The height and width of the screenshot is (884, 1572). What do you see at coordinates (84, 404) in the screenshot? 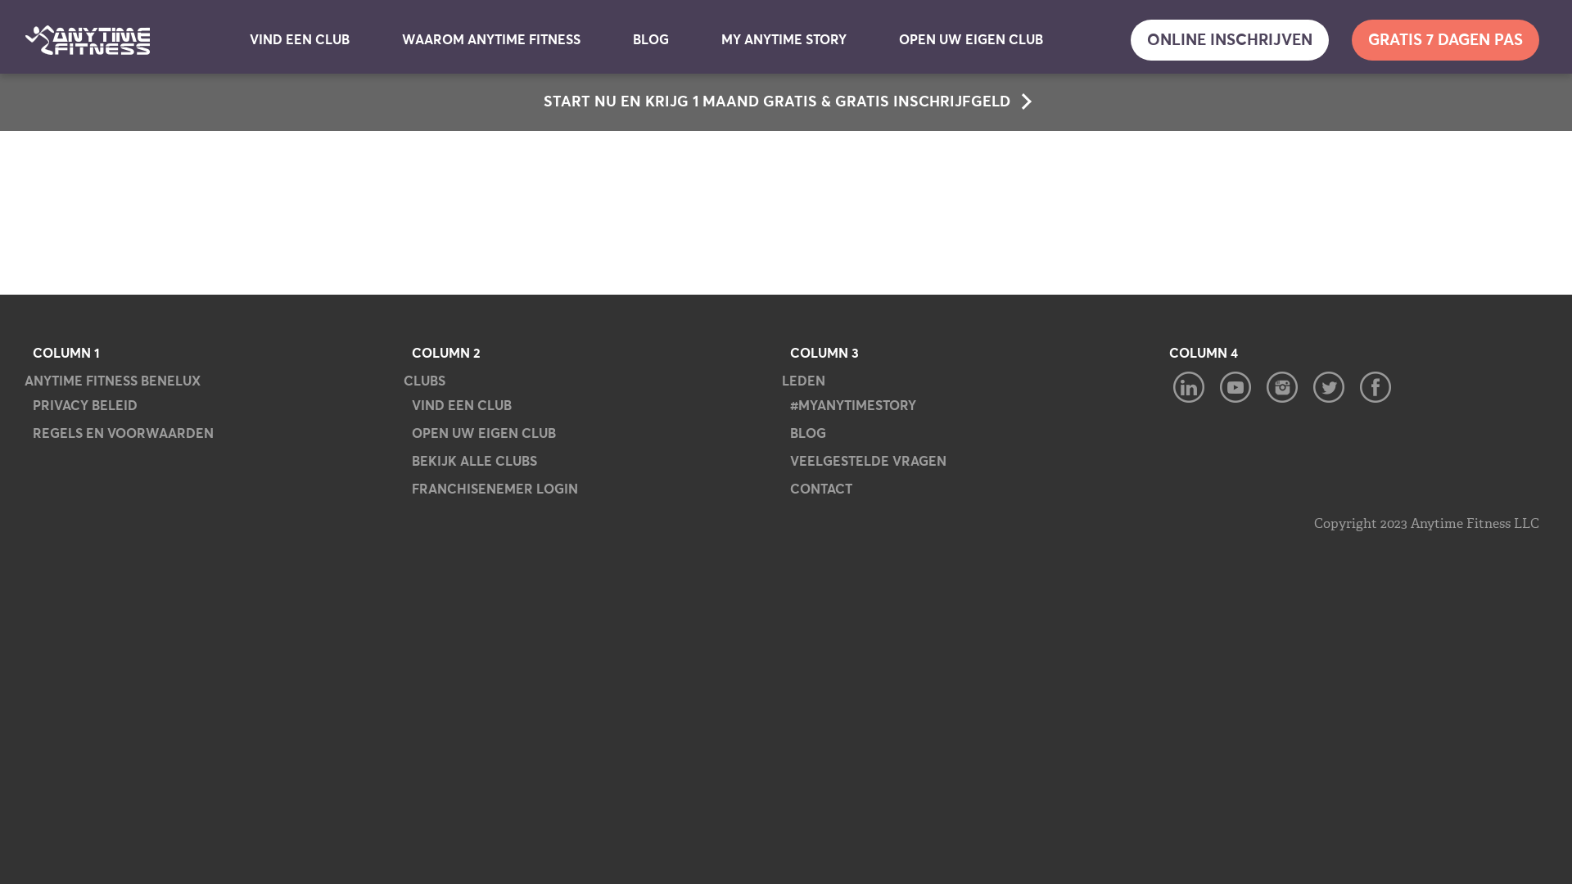
I see `'PRIVACY BELEID'` at bounding box center [84, 404].